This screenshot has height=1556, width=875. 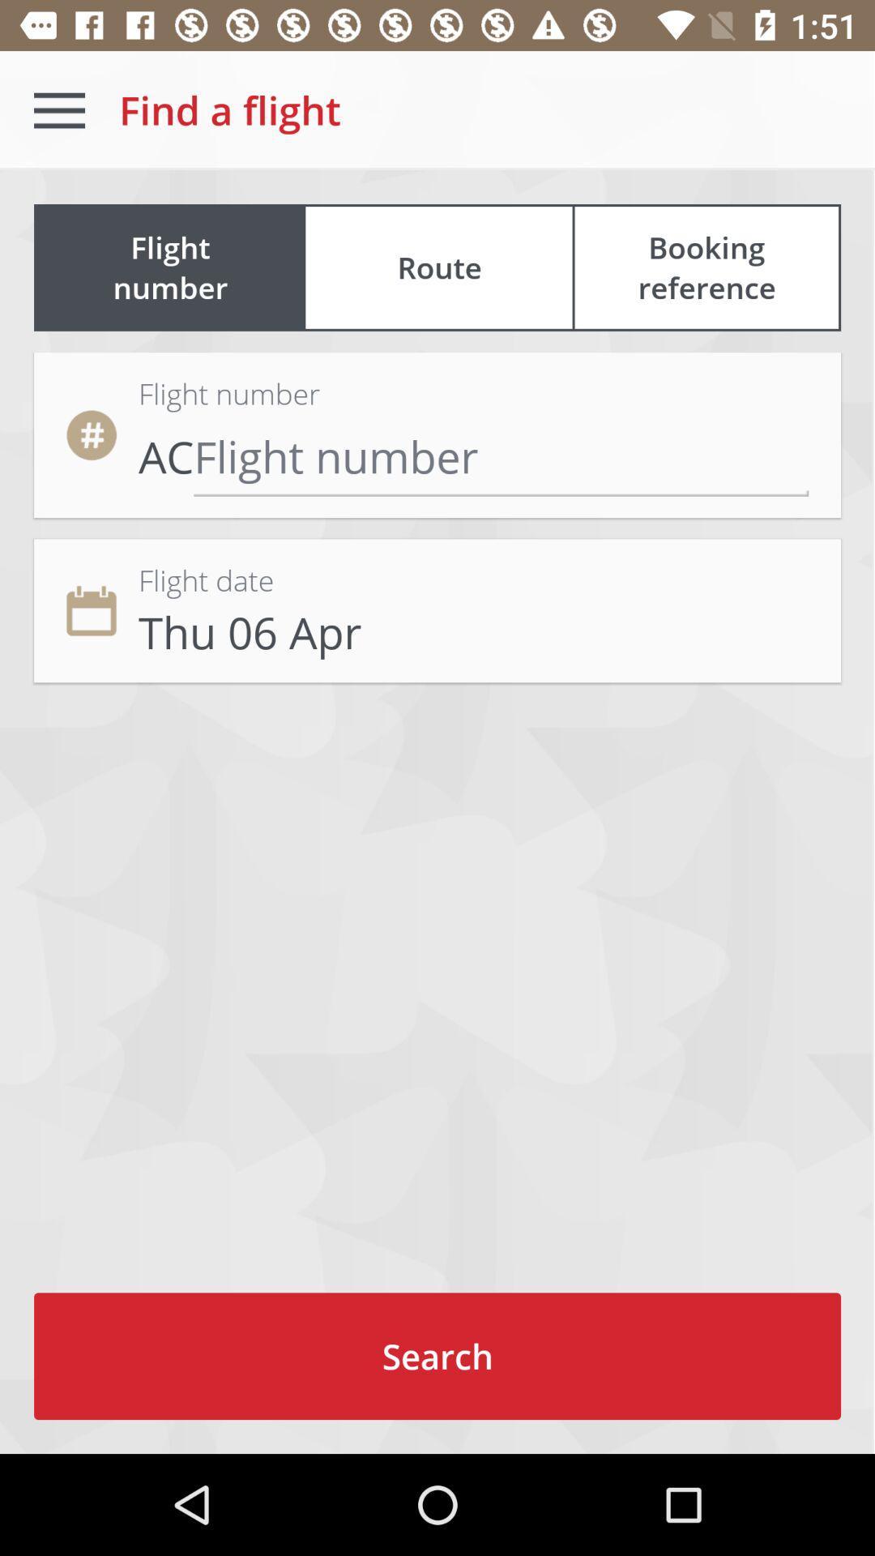 What do you see at coordinates (706, 267) in the screenshot?
I see `the item to the right of flight` at bounding box center [706, 267].